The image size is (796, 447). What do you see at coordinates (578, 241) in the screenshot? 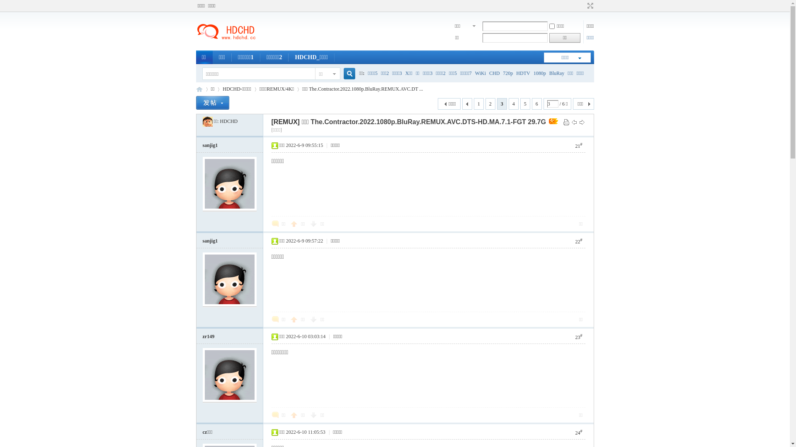
I see `'22#'` at bounding box center [578, 241].